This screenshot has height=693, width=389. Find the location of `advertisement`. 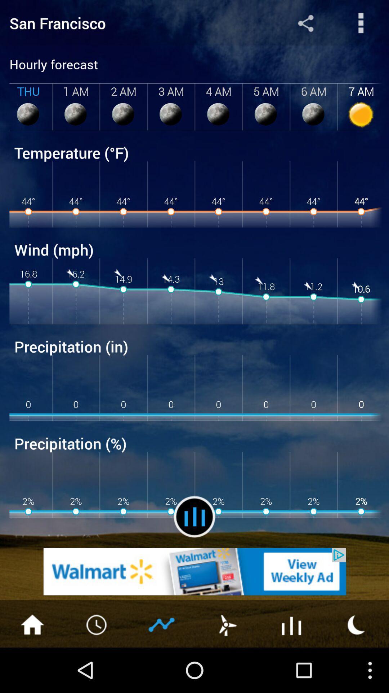

advertisement is located at coordinates (357, 624).